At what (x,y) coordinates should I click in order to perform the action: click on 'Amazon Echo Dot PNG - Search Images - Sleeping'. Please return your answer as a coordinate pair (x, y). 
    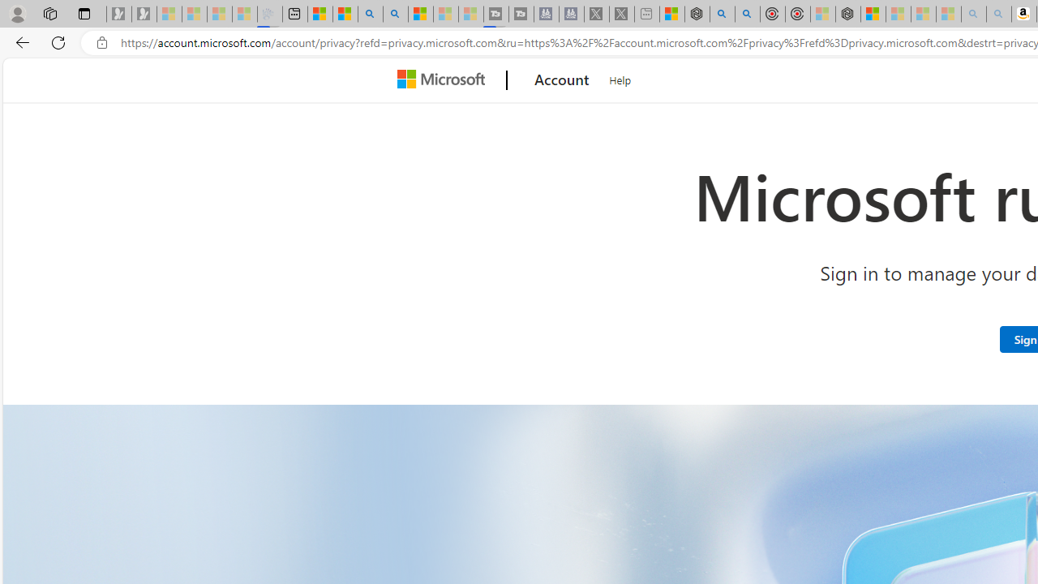
    Looking at the image, I should click on (998, 14).